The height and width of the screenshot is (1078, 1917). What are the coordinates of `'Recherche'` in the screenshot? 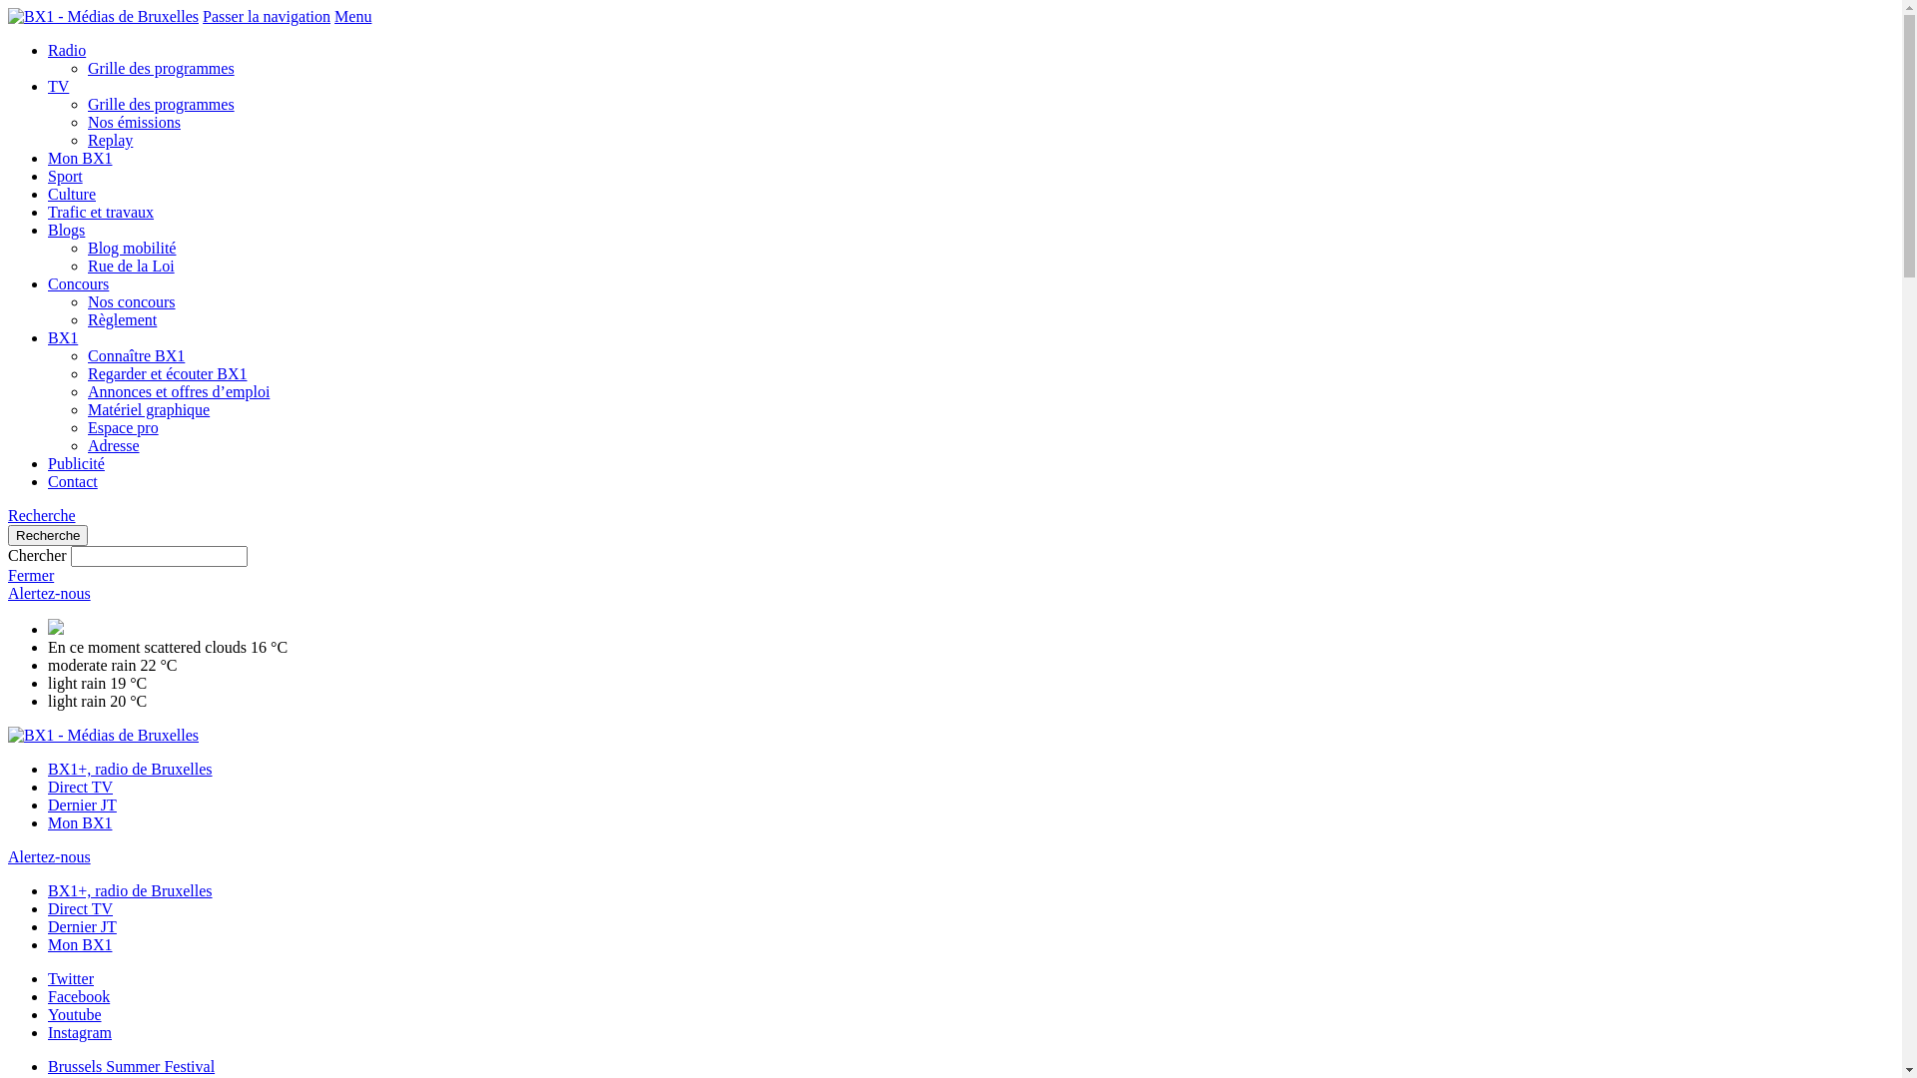 It's located at (48, 534).